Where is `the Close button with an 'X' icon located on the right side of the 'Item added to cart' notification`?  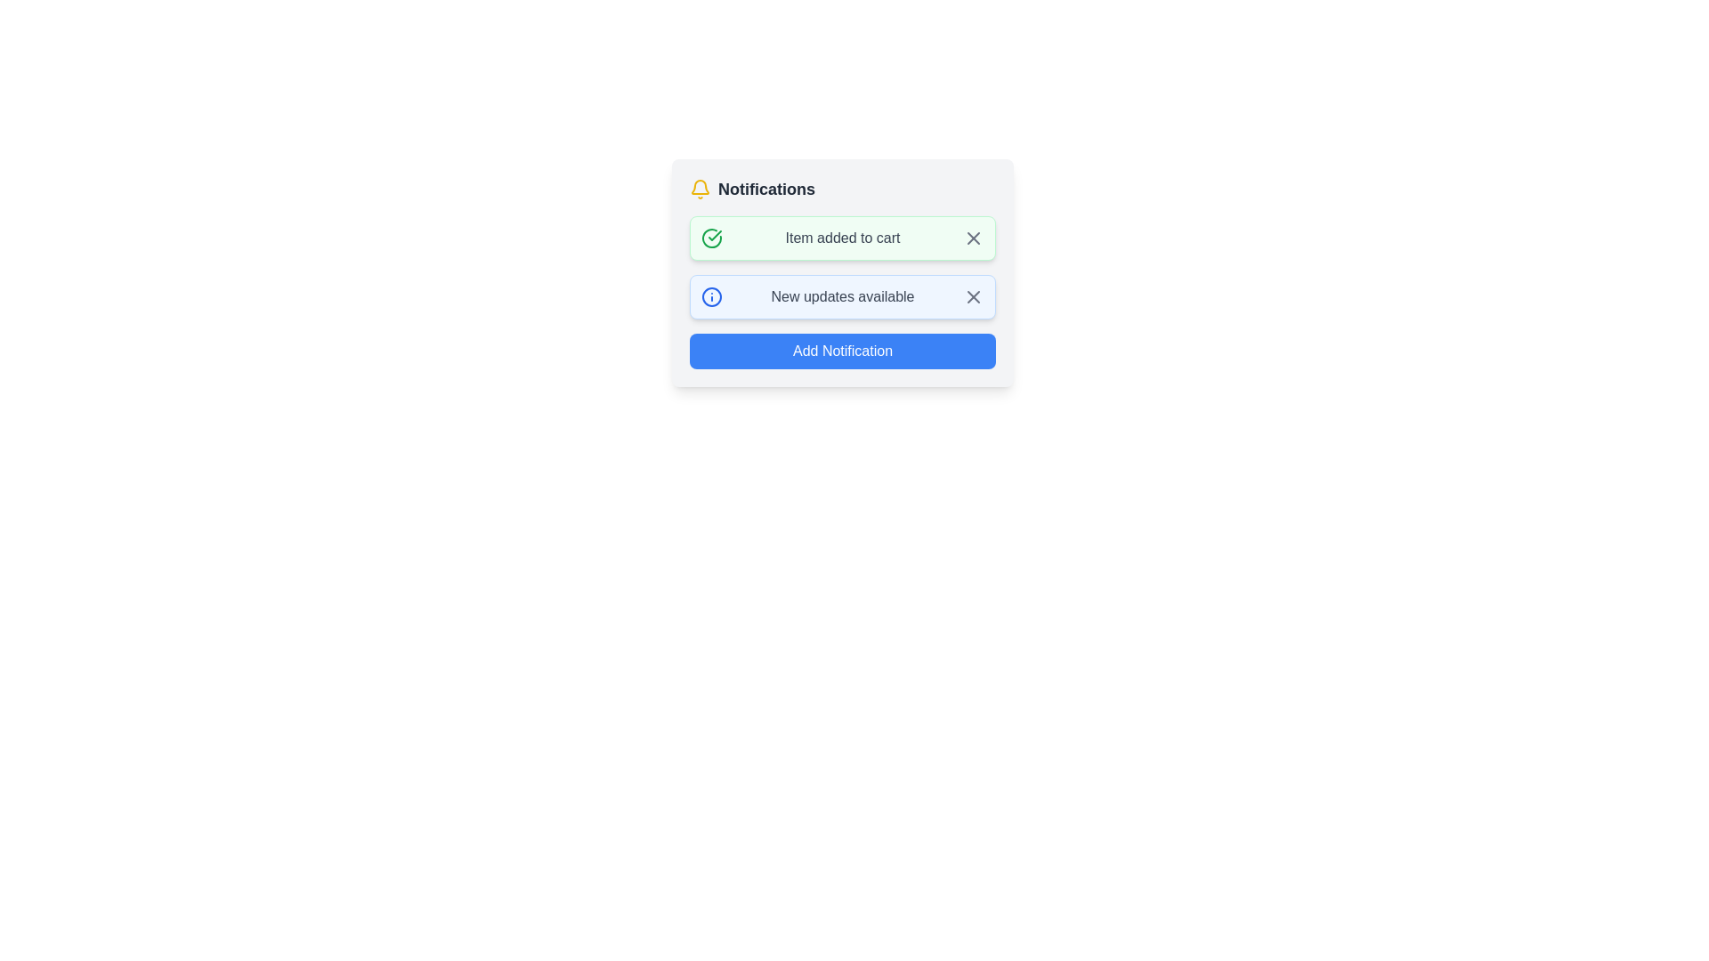 the Close button with an 'X' icon located on the right side of the 'Item added to cart' notification is located at coordinates (973, 237).